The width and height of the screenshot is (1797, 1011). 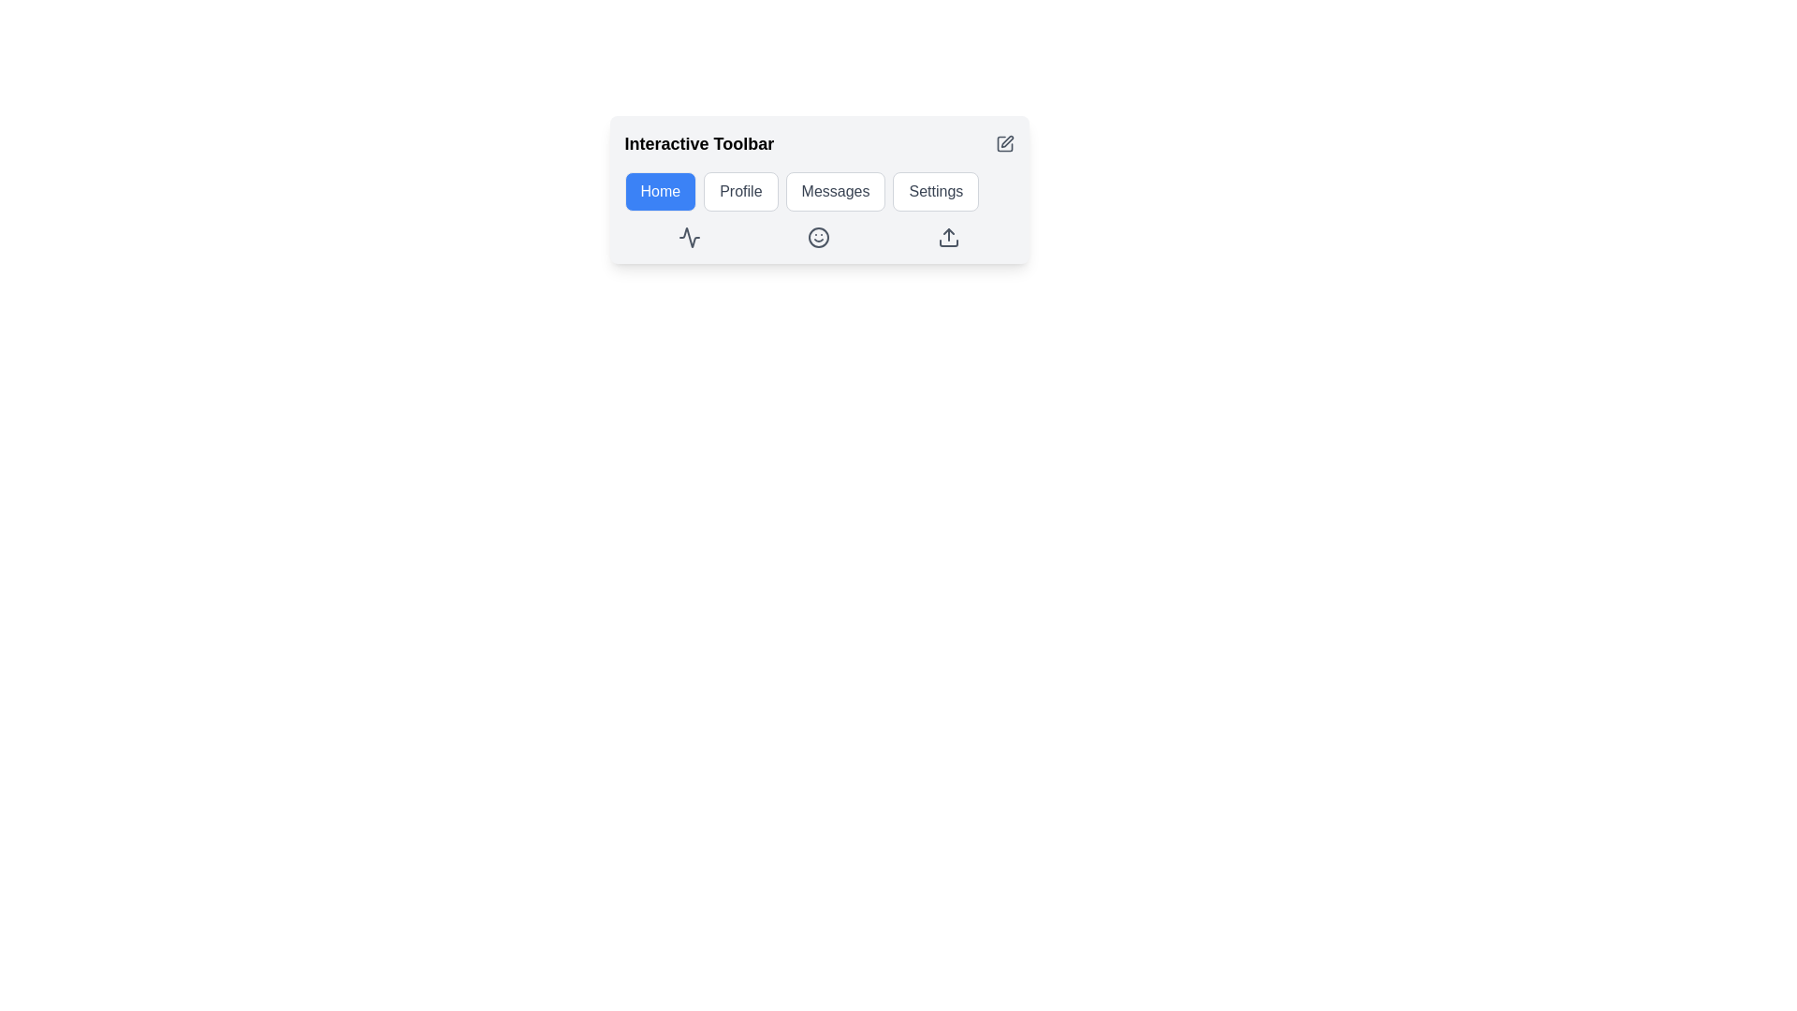 I want to click on lower part of the 'upload' icon represented by the vector graphic component in the toolbar for debugging purposes, so click(x=949, y=242).